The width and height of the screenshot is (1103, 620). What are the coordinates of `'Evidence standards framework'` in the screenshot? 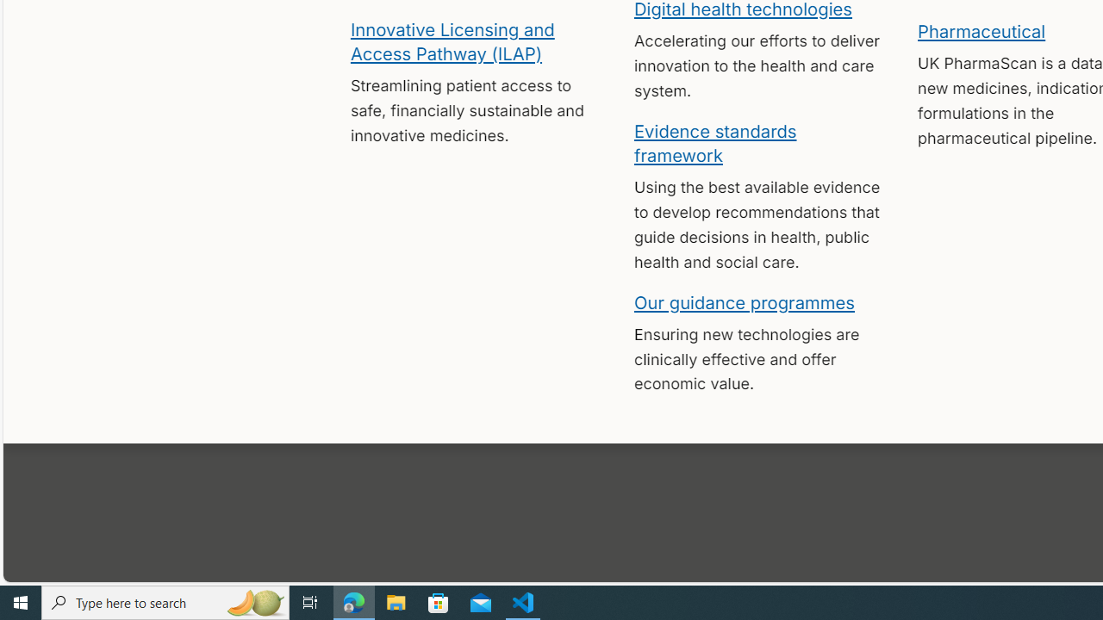 It's located at (715, 141).